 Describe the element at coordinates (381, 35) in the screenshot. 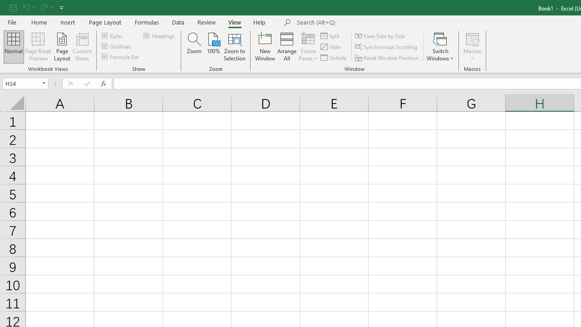

I see `'View Side by Side'` at that location.